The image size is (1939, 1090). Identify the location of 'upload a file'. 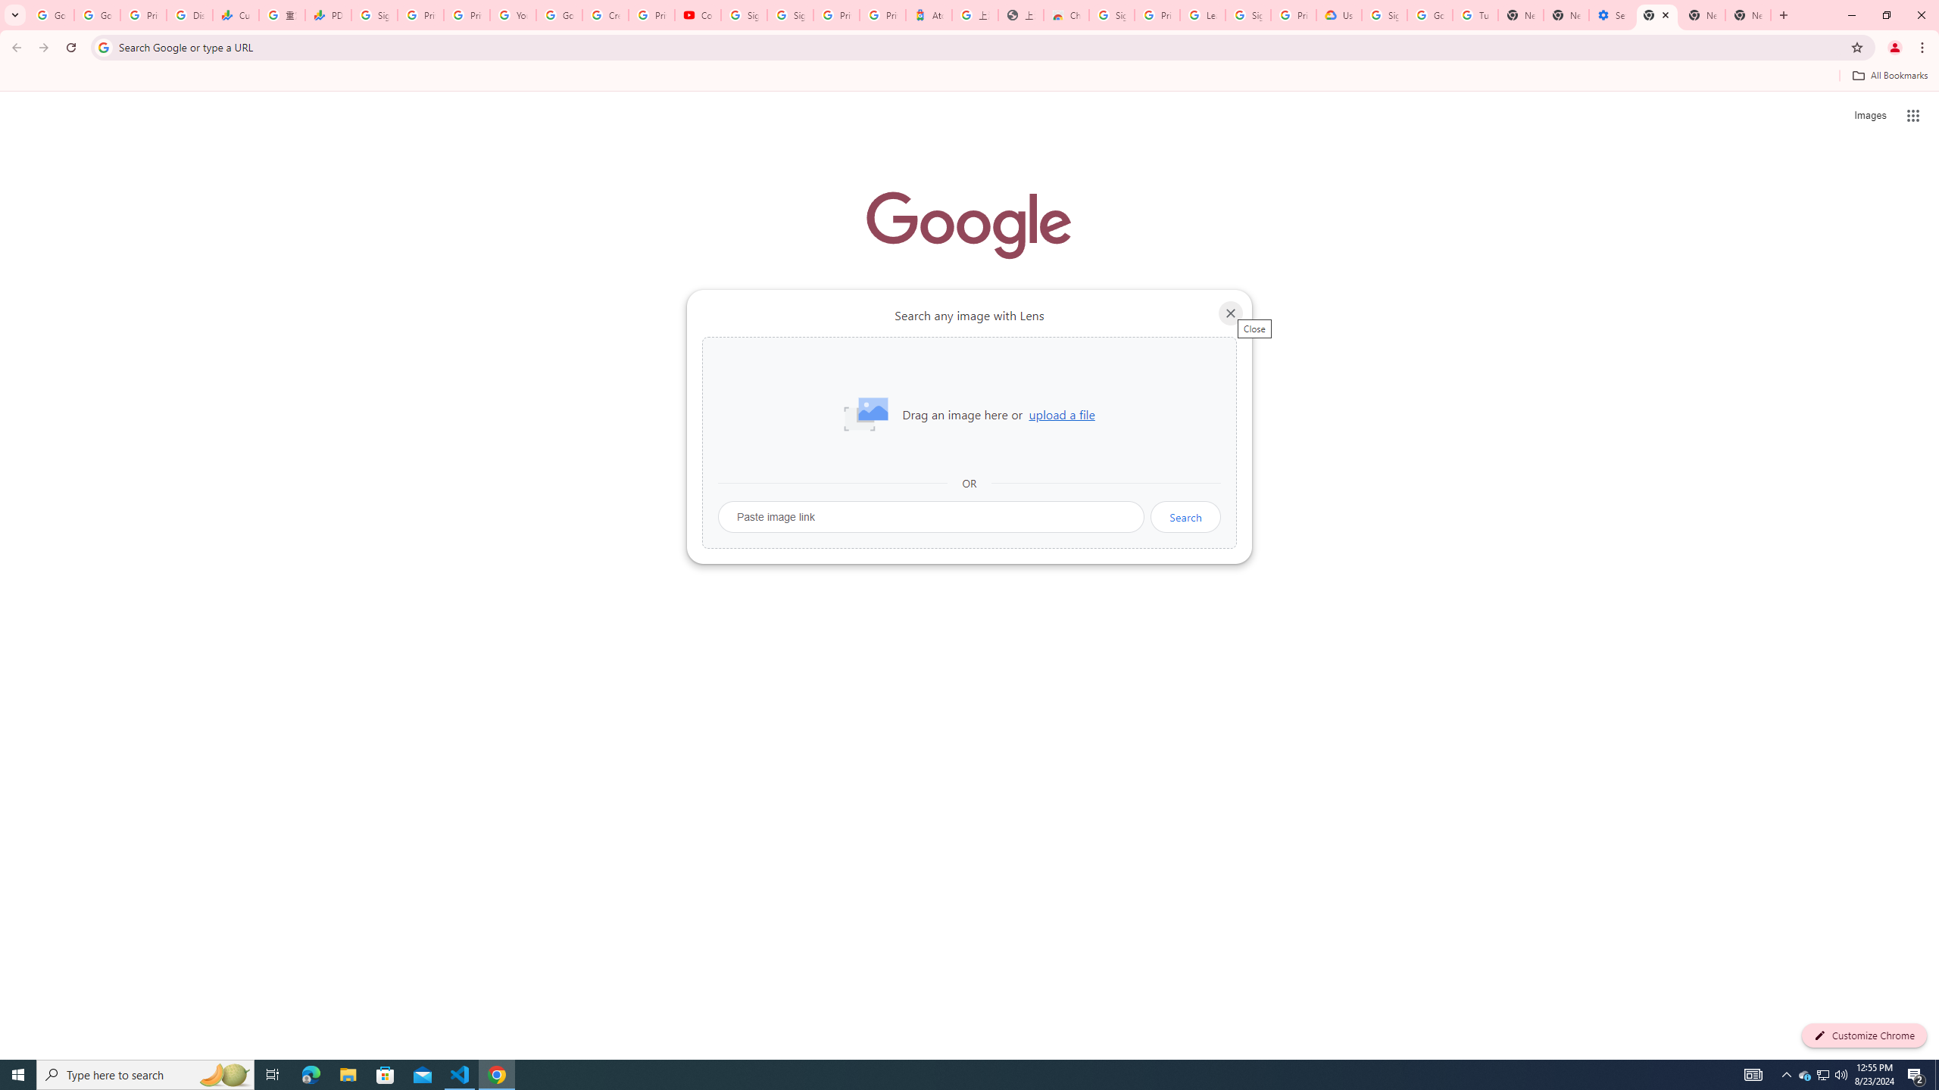
(1061, 414).